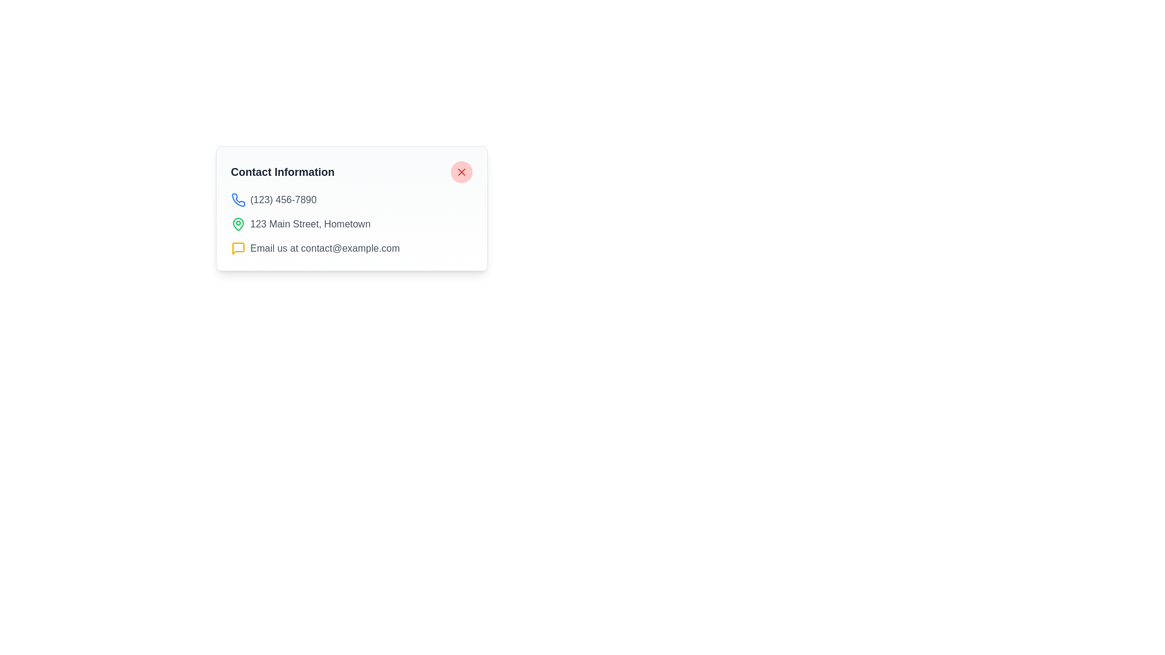 The width and height of the screenshot is (1165, 655). What do you see at coordinates (310, 224) in the screenshot?
I see `the text displaying '123 Main Street, Hometown' in the contact information card, which is styled in gray and located to the right of a green location icon` at bounding box center [310, 224].